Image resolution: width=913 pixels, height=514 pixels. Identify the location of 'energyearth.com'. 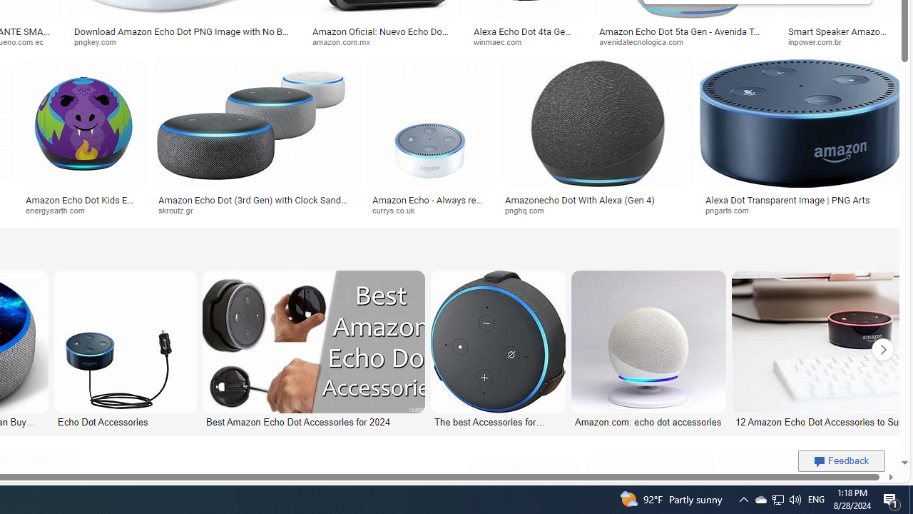
(83, 211).